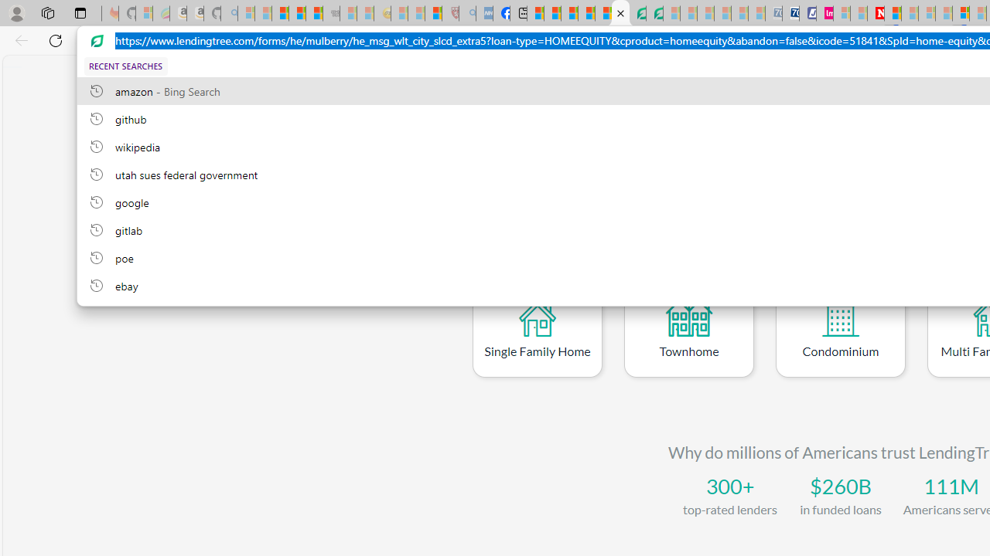 Image resolution: width=990 pixels, height=556 pixels. What do you see at coordinates (280, 13) in the screenshot?
I see `'The Weather Channel - MSN'` at bounding box center [280, 13].